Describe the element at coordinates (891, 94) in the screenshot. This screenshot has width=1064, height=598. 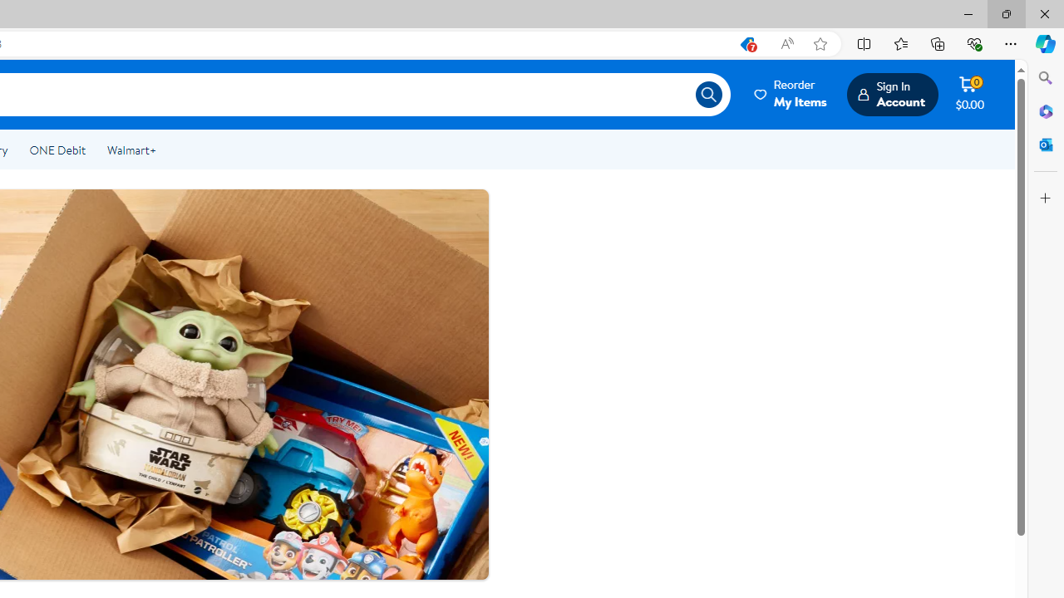
I see `'Sign InAccount'` at that location.